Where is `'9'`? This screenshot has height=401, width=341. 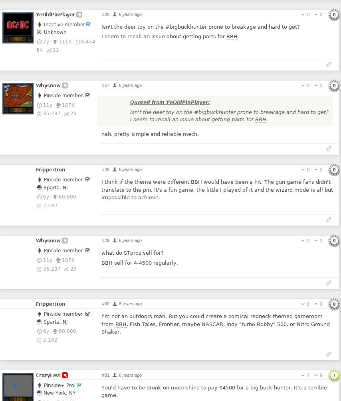
'9' is located at coordinates (321, 374).